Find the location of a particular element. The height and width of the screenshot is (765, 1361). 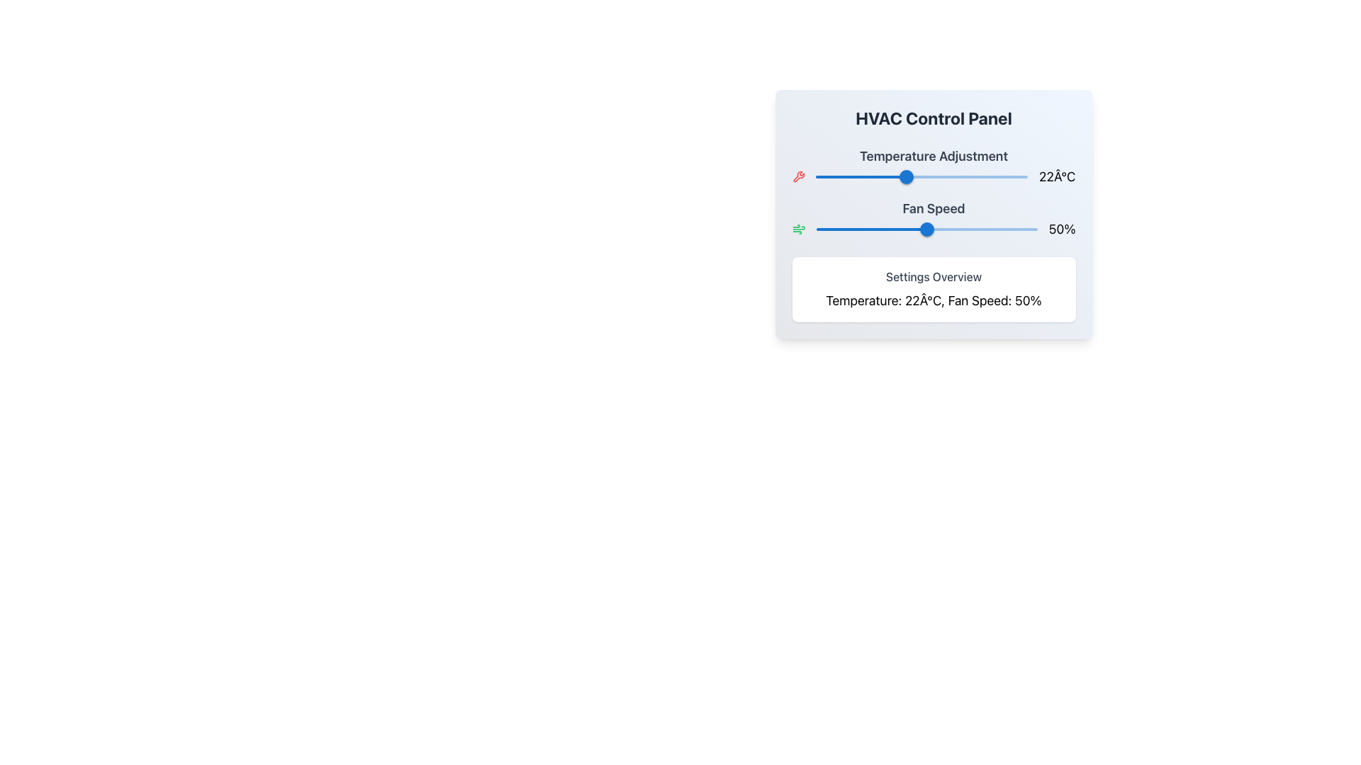

the temperature is located at coordinates (865, 176).